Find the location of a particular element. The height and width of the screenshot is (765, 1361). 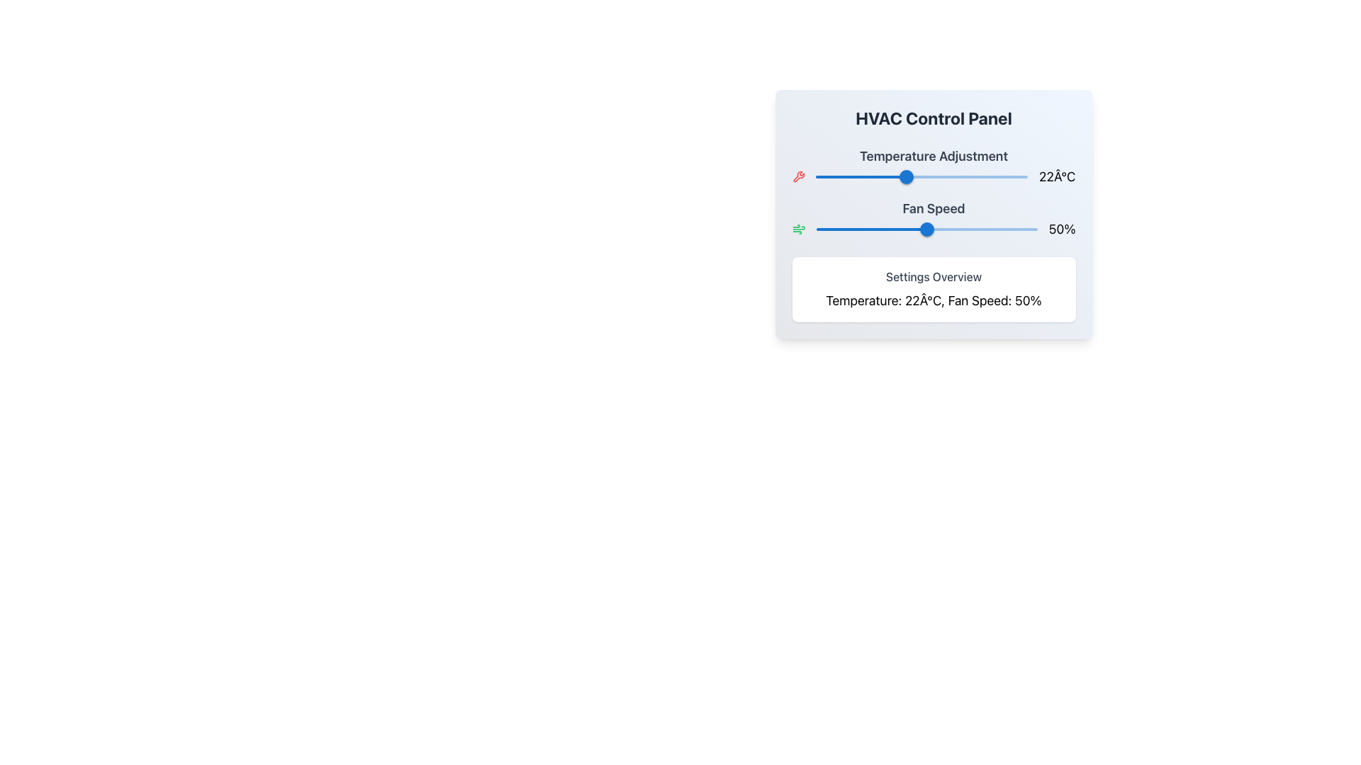

the temperature is located at coordinates (865, 176).